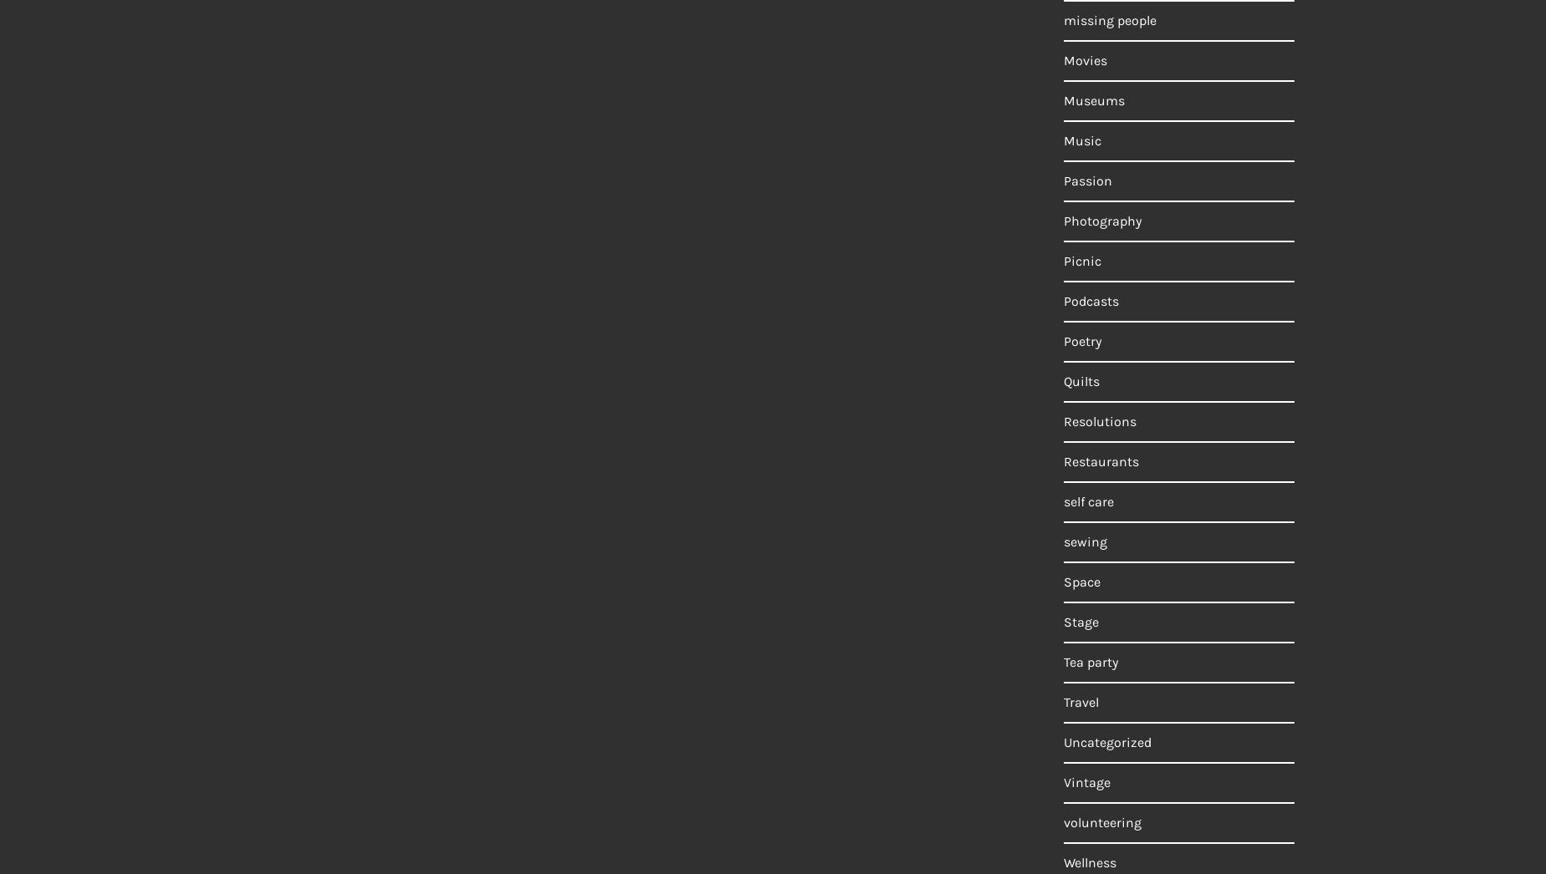  Describe the element at coordinates (1106, 741) in the screenshot. I see `'Uncategorized'` at that location.